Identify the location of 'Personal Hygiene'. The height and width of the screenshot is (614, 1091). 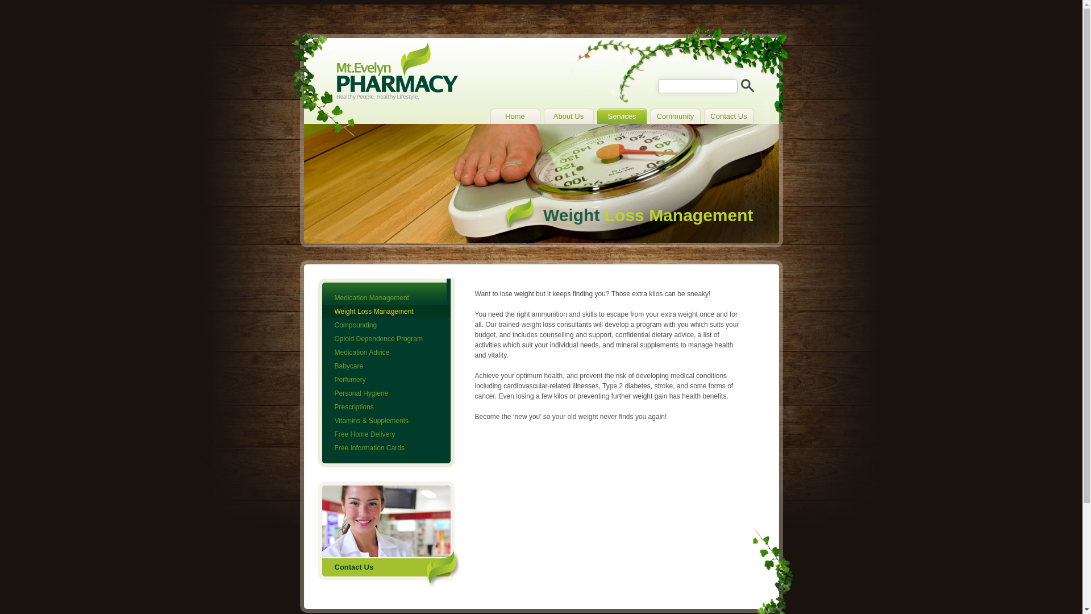
(321, 392).